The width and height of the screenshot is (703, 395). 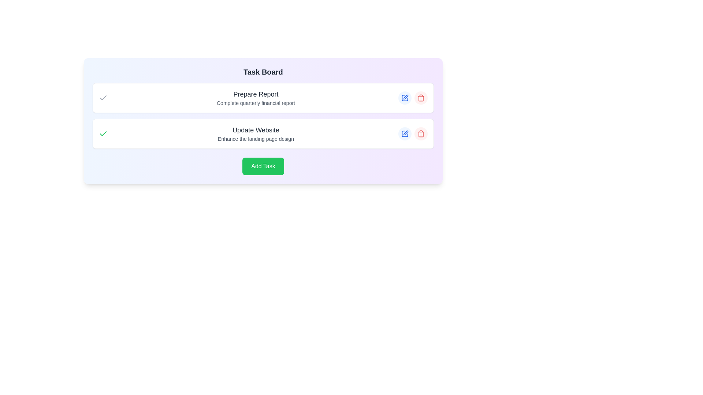 I want to click on the checkmark icon that indicates the completion status of the task 'Prepare Report', which is located to the left of the task's text in the topmost row of the task list, so click(x=103, y=97).